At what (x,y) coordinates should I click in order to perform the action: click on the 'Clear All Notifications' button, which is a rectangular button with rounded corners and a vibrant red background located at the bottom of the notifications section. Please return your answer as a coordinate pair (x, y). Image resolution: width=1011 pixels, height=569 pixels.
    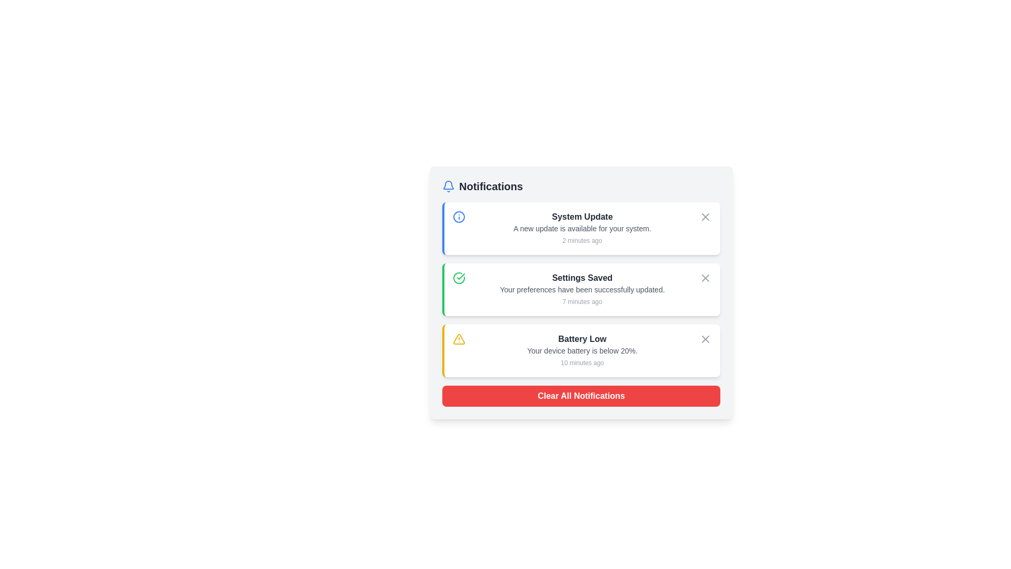
    Looking at the image, I should click on (581, 396).